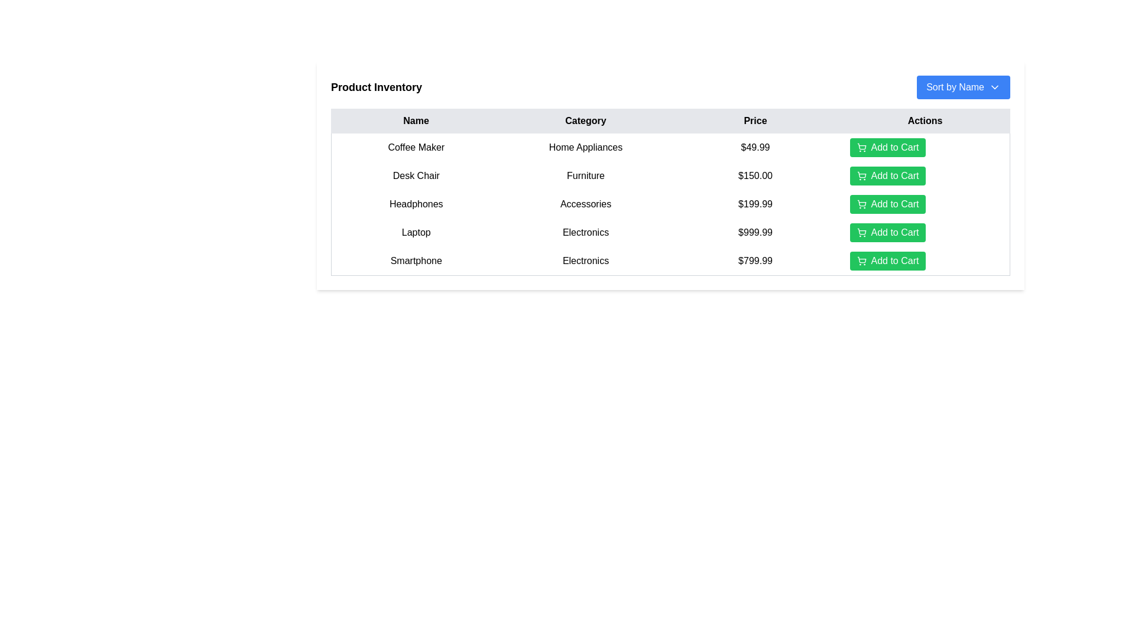  I want to click on the button in the rightmost column under the 'Actions' header, so click(924, 261).